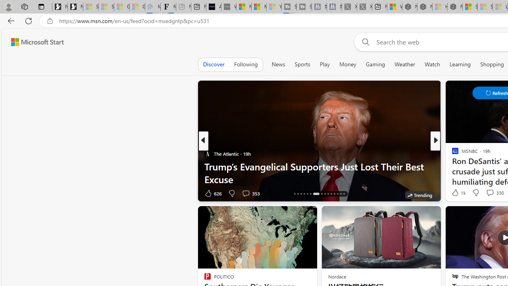 This screenshot has height=286, width=508. Describe the element at coordinates (490, 193) in the screenshot. I see `'View comments 96 Comment'` at that location.